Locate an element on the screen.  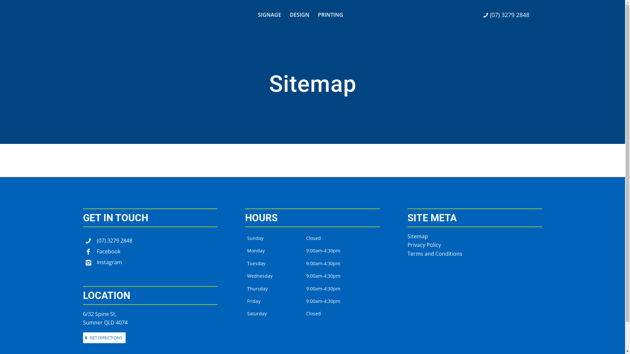
'Facebook' is located at coordinates (96, 251).